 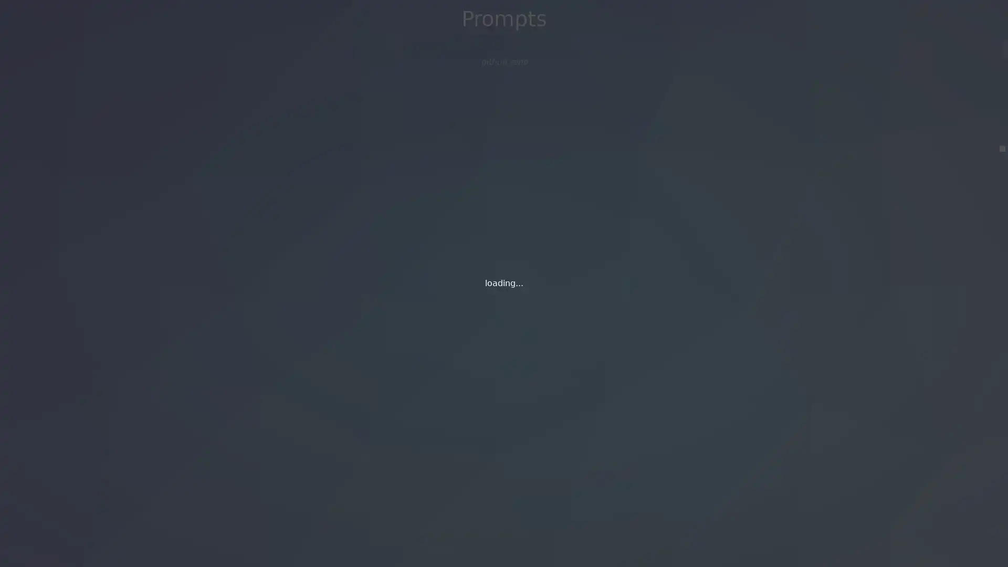 What do you see at coordinates (503, 65) in the screenshot?
I see `MLP:FiM` at bounding box center [503, 65].